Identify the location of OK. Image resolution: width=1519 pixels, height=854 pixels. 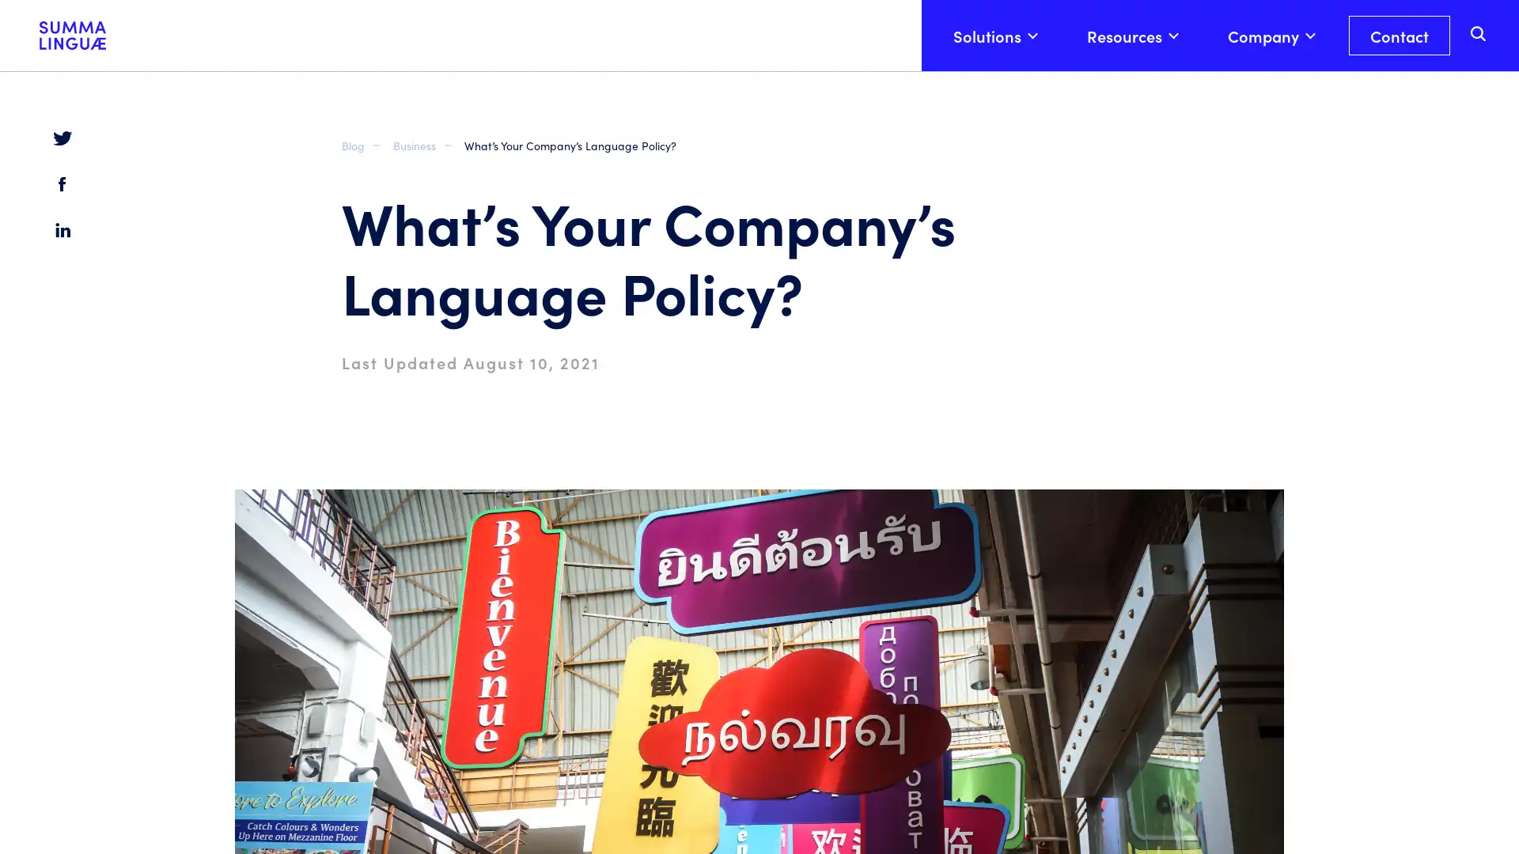
(1233, 808).